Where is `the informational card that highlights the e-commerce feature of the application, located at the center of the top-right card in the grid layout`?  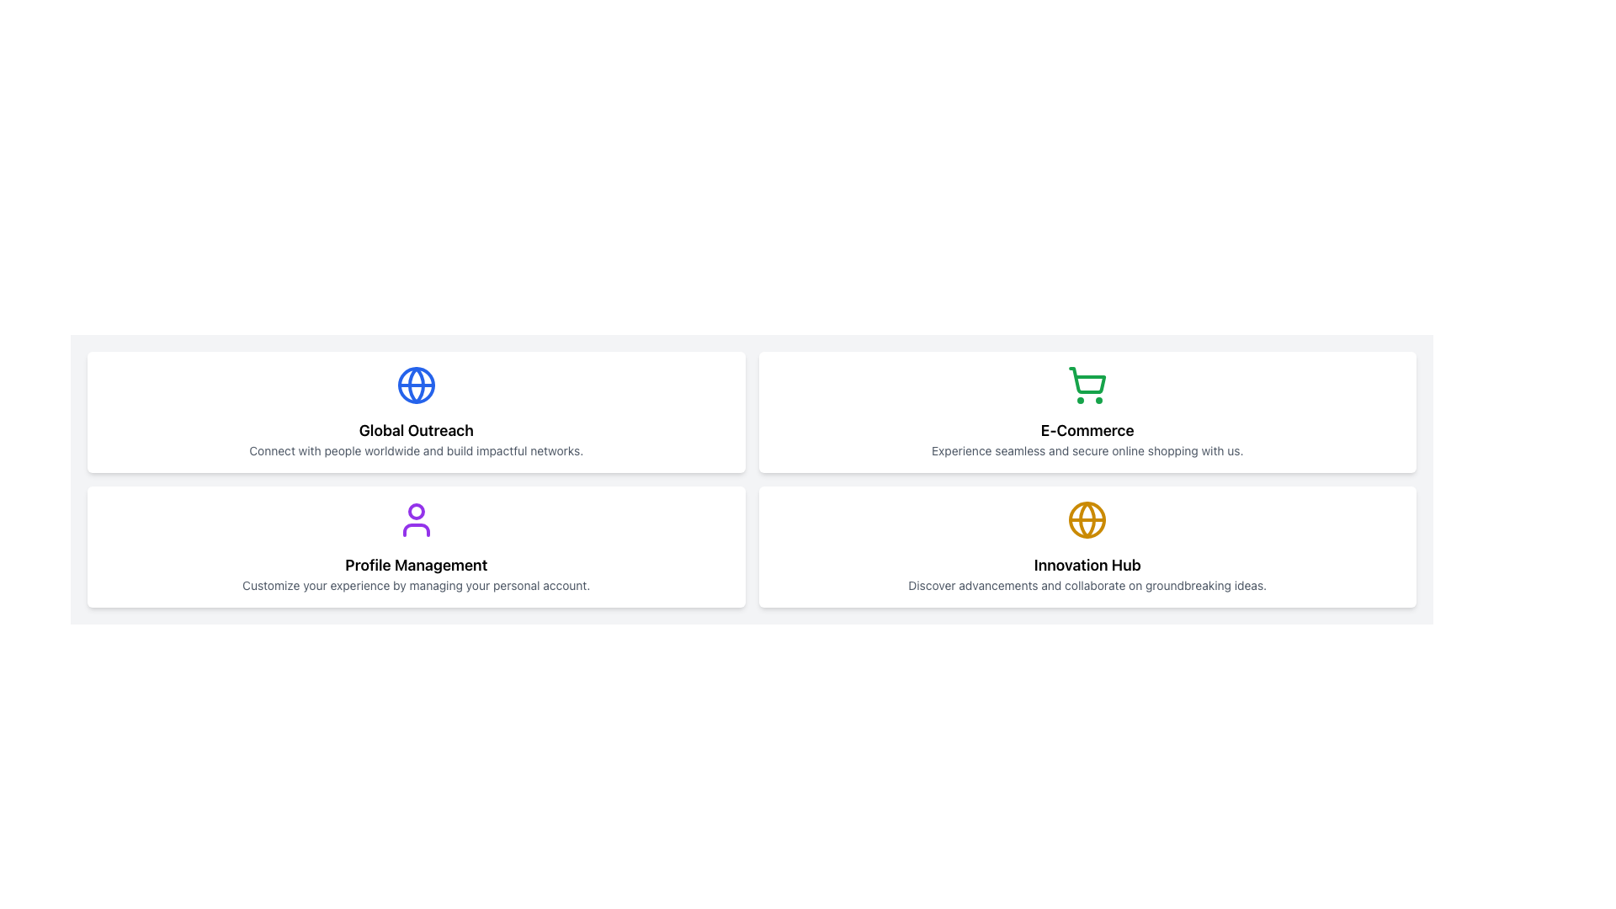
the informational card that highlights the e-commerce feature of the application, located at the center of the top-right card in the grid layout is located at coordinates (1087, 412).